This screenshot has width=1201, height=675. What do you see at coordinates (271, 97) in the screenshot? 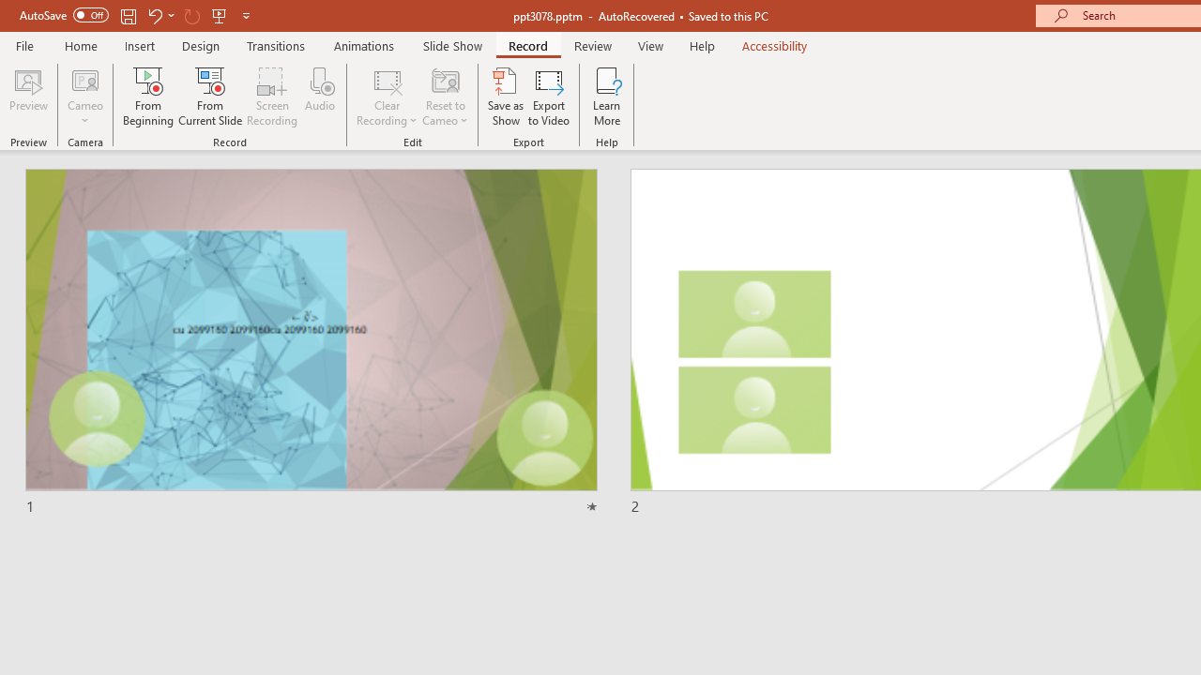
I see `'Screen Recording'` at bounding box center [271, 97].